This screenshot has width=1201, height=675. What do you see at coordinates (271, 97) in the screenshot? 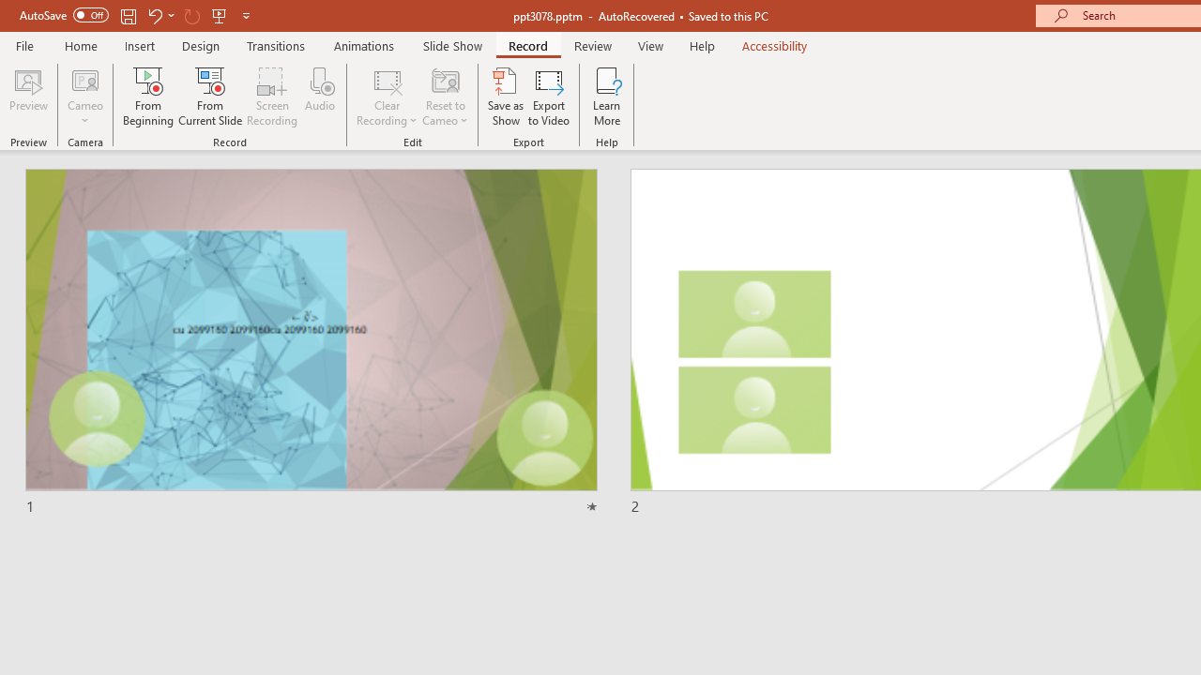
I see `'Screen Recording'` at bounding box center [271, 97].